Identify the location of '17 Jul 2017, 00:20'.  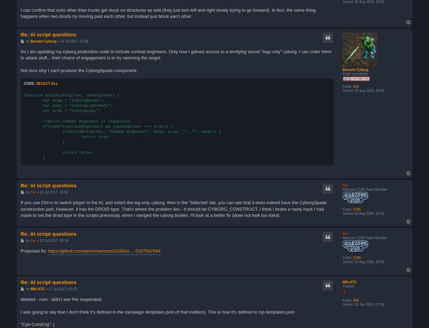
(62, 289).